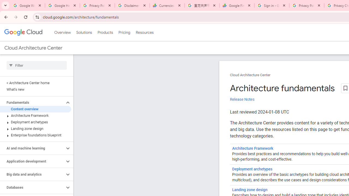  What do you see at coordinates (32, 174) in the screenshot?
I see `'Big data and analytics'` at bounding box center [32, 174].